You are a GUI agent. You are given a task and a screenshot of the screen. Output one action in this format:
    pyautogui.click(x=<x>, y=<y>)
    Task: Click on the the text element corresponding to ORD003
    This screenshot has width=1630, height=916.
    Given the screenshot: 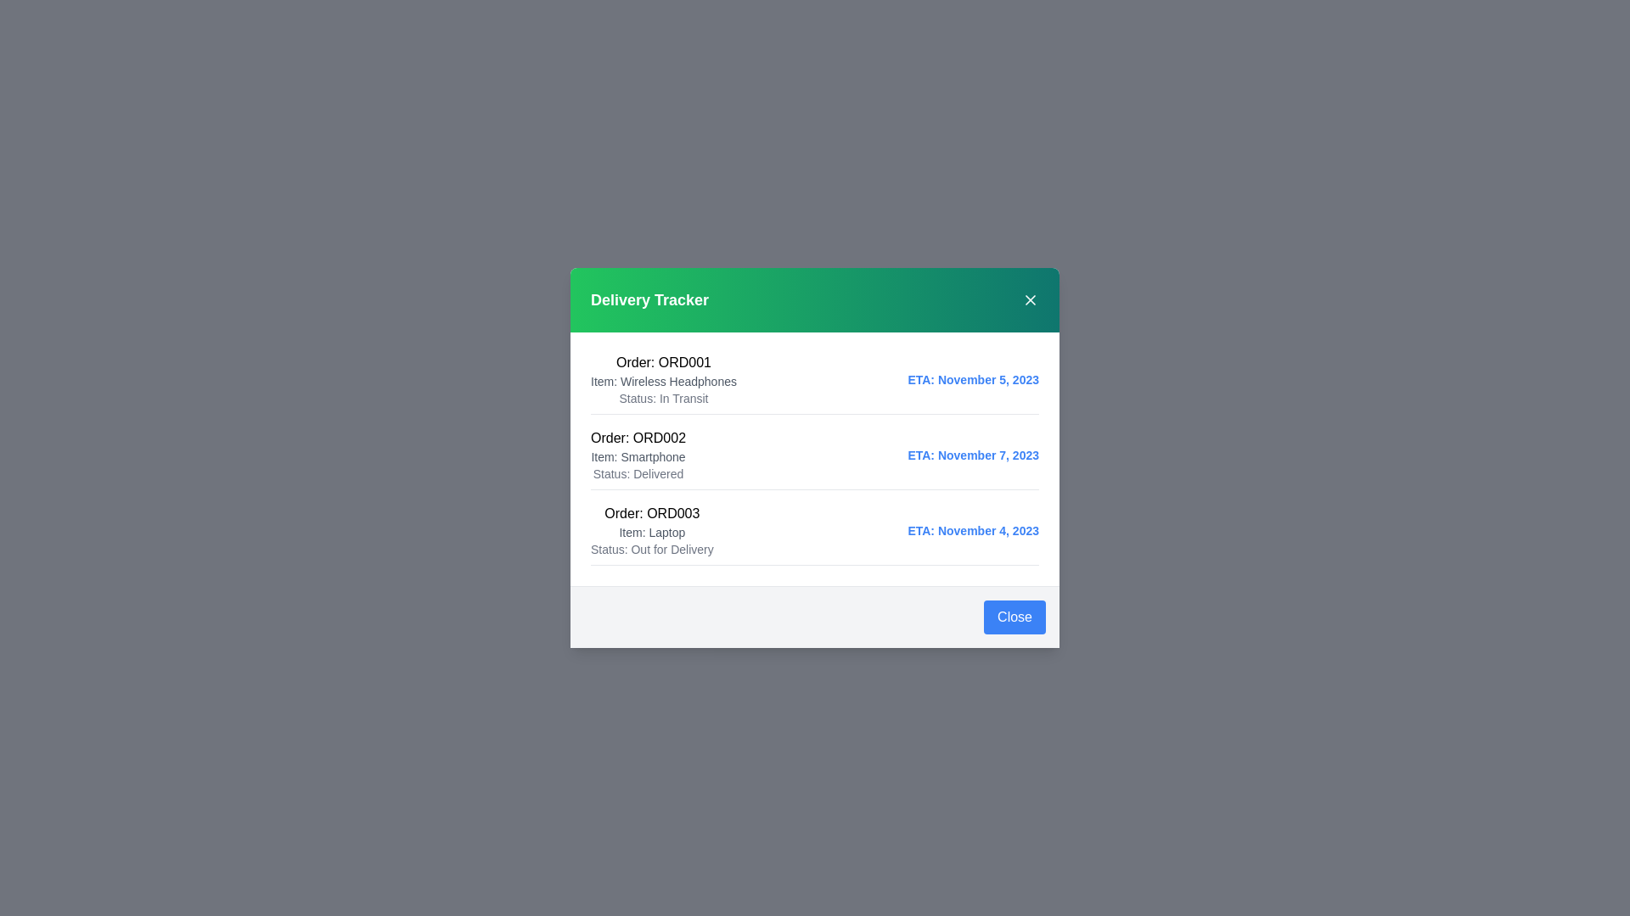 What is the action you would take?
    pyautogui.click(x=651, y=512)
    